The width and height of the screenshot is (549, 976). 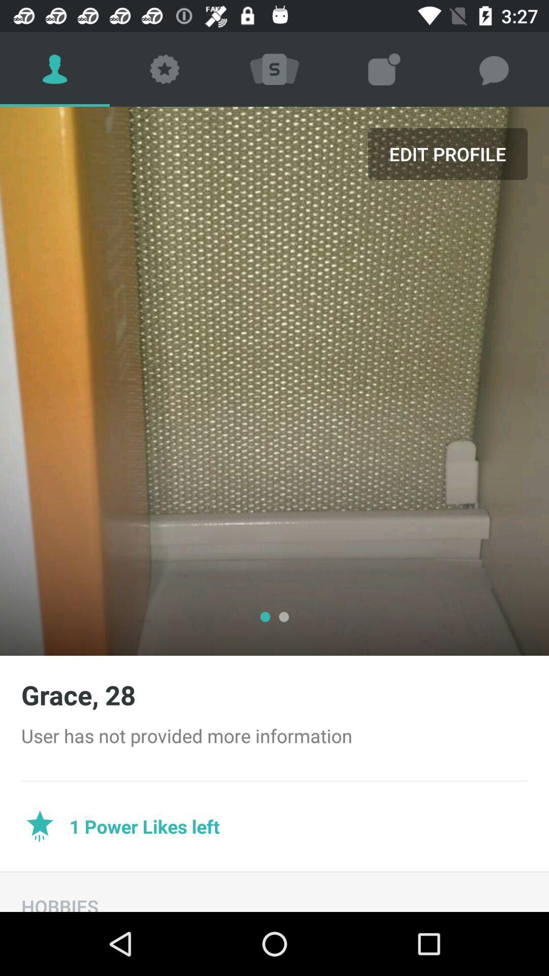 What do you see at coordinates (447, 153) in the screenshot?
I see `item above the grace, 28` at bounding box center [447, 153].